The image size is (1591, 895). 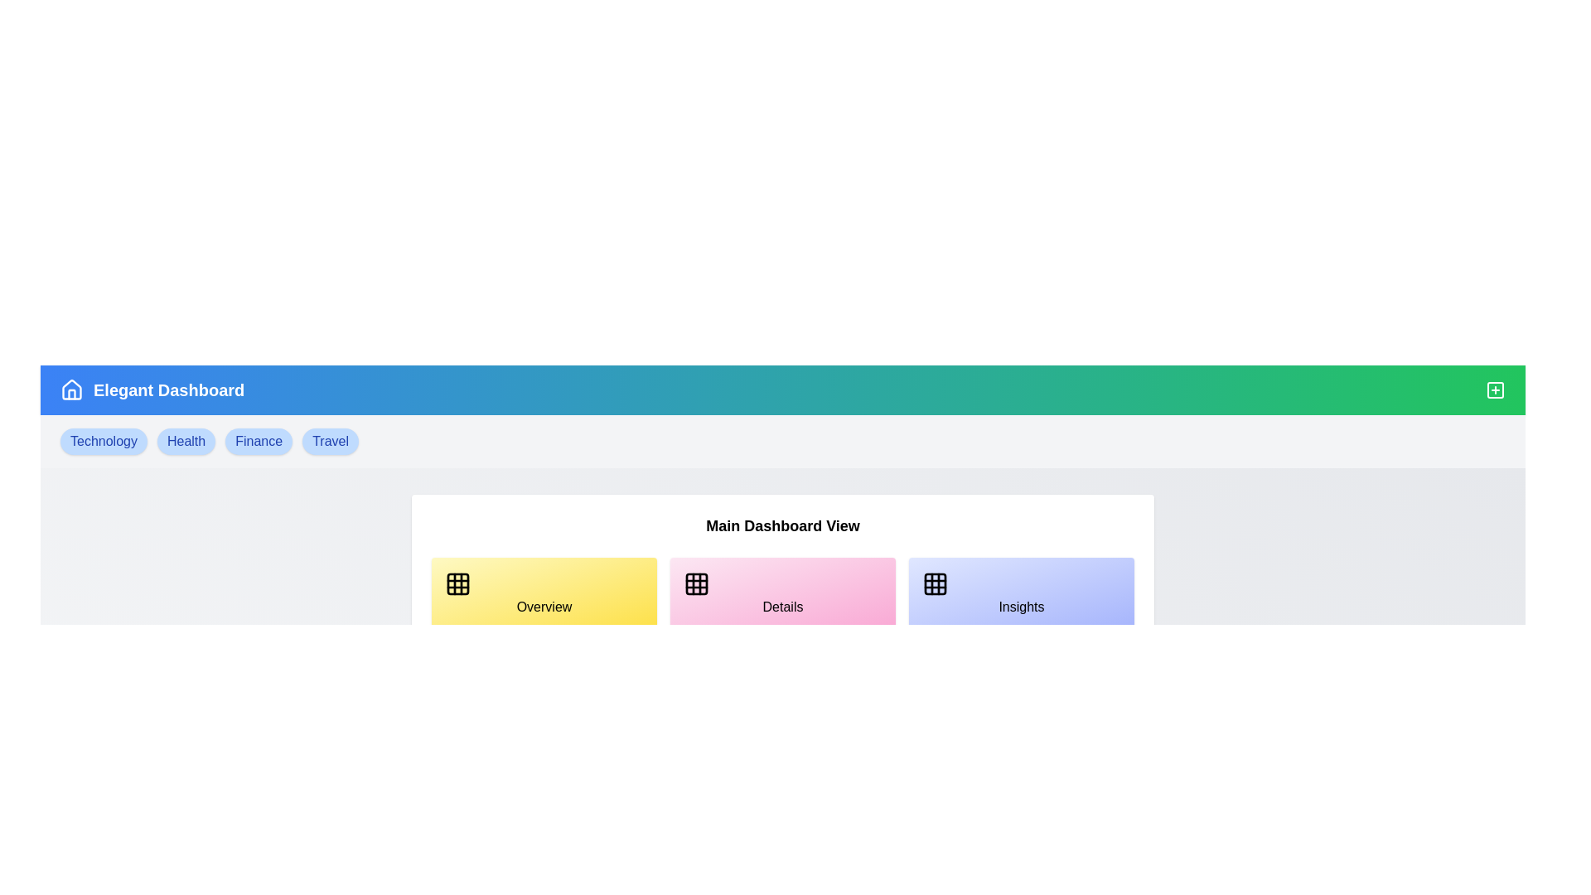 I want to click on the Details card to explore its content, so click(x=782, y=593).